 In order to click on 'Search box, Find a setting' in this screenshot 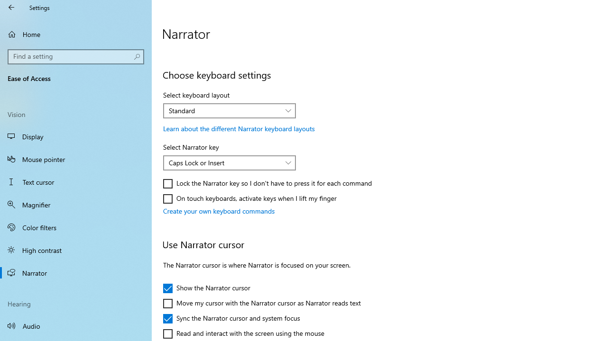, I will do `click(76, 56)`.